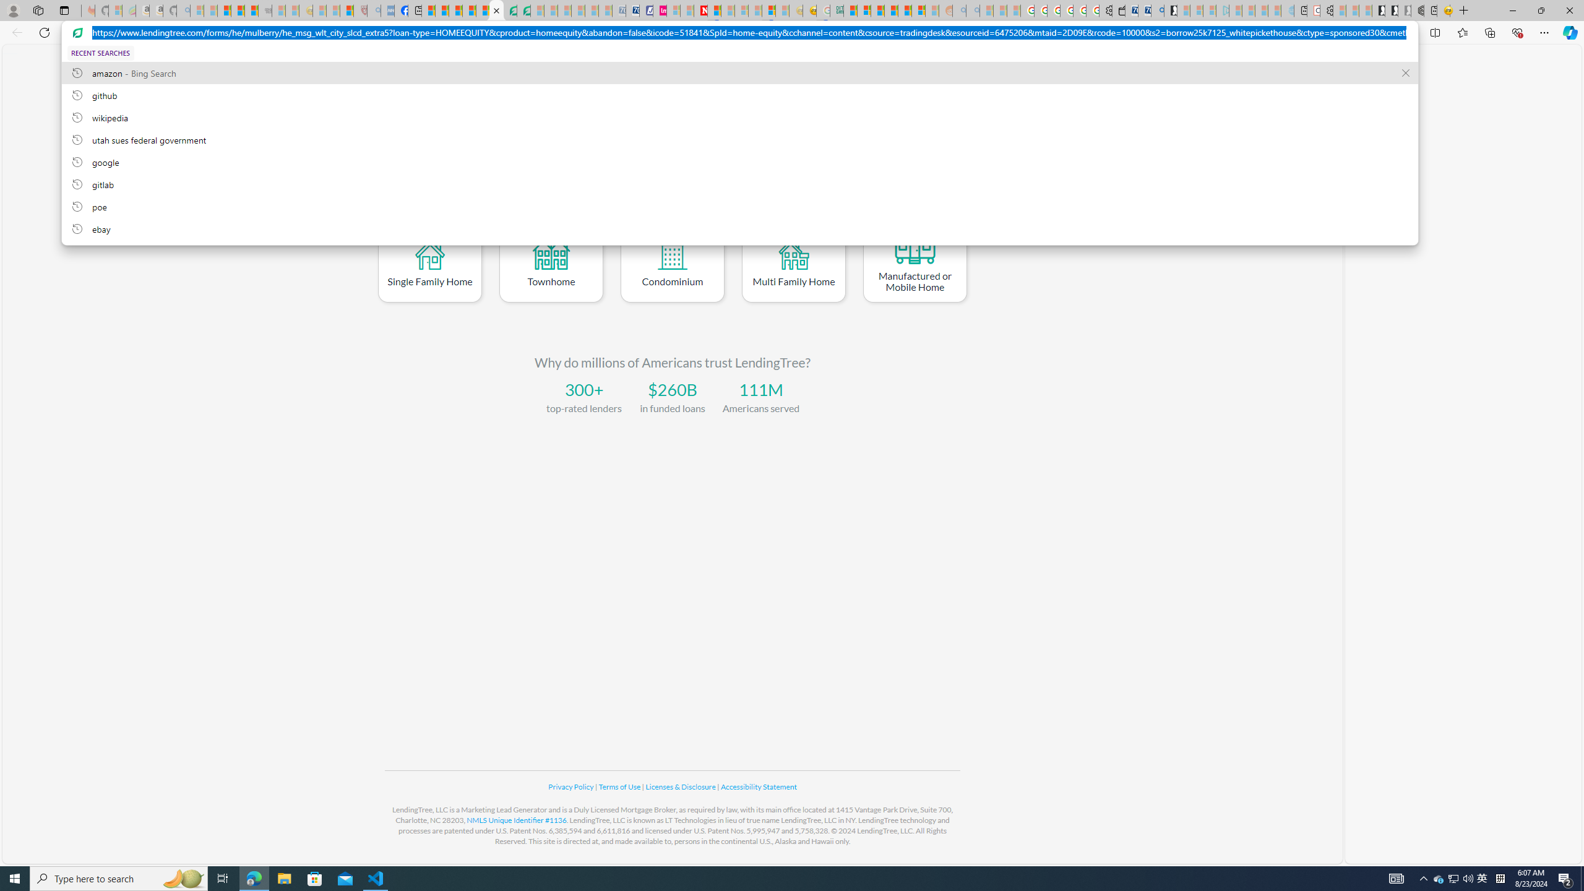 This screenshot has height=891, width=1584. Describe the element at coordinates (659, 10) in the screenshot. I see `'Jobs - lastminute.com Investor Portal'` at that location.